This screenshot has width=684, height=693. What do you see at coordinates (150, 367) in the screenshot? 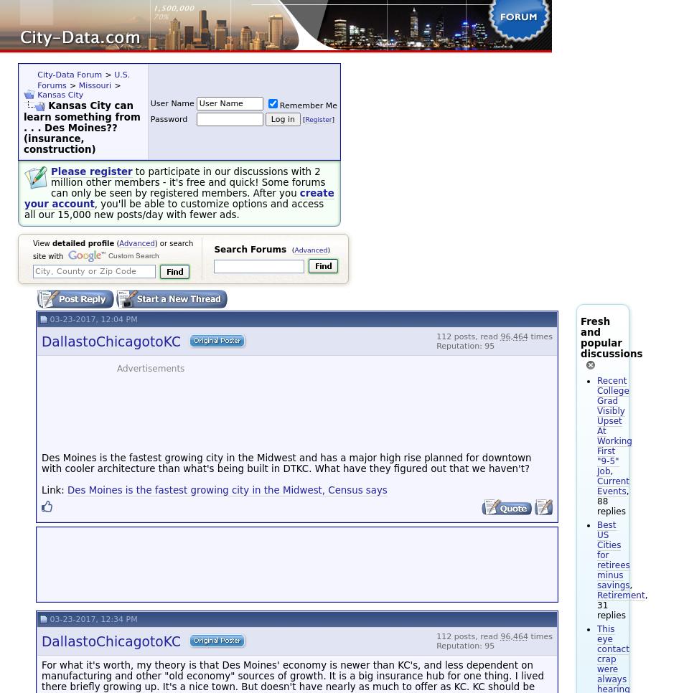
I see `'Advertisements'` at bounding box center [150, 367].